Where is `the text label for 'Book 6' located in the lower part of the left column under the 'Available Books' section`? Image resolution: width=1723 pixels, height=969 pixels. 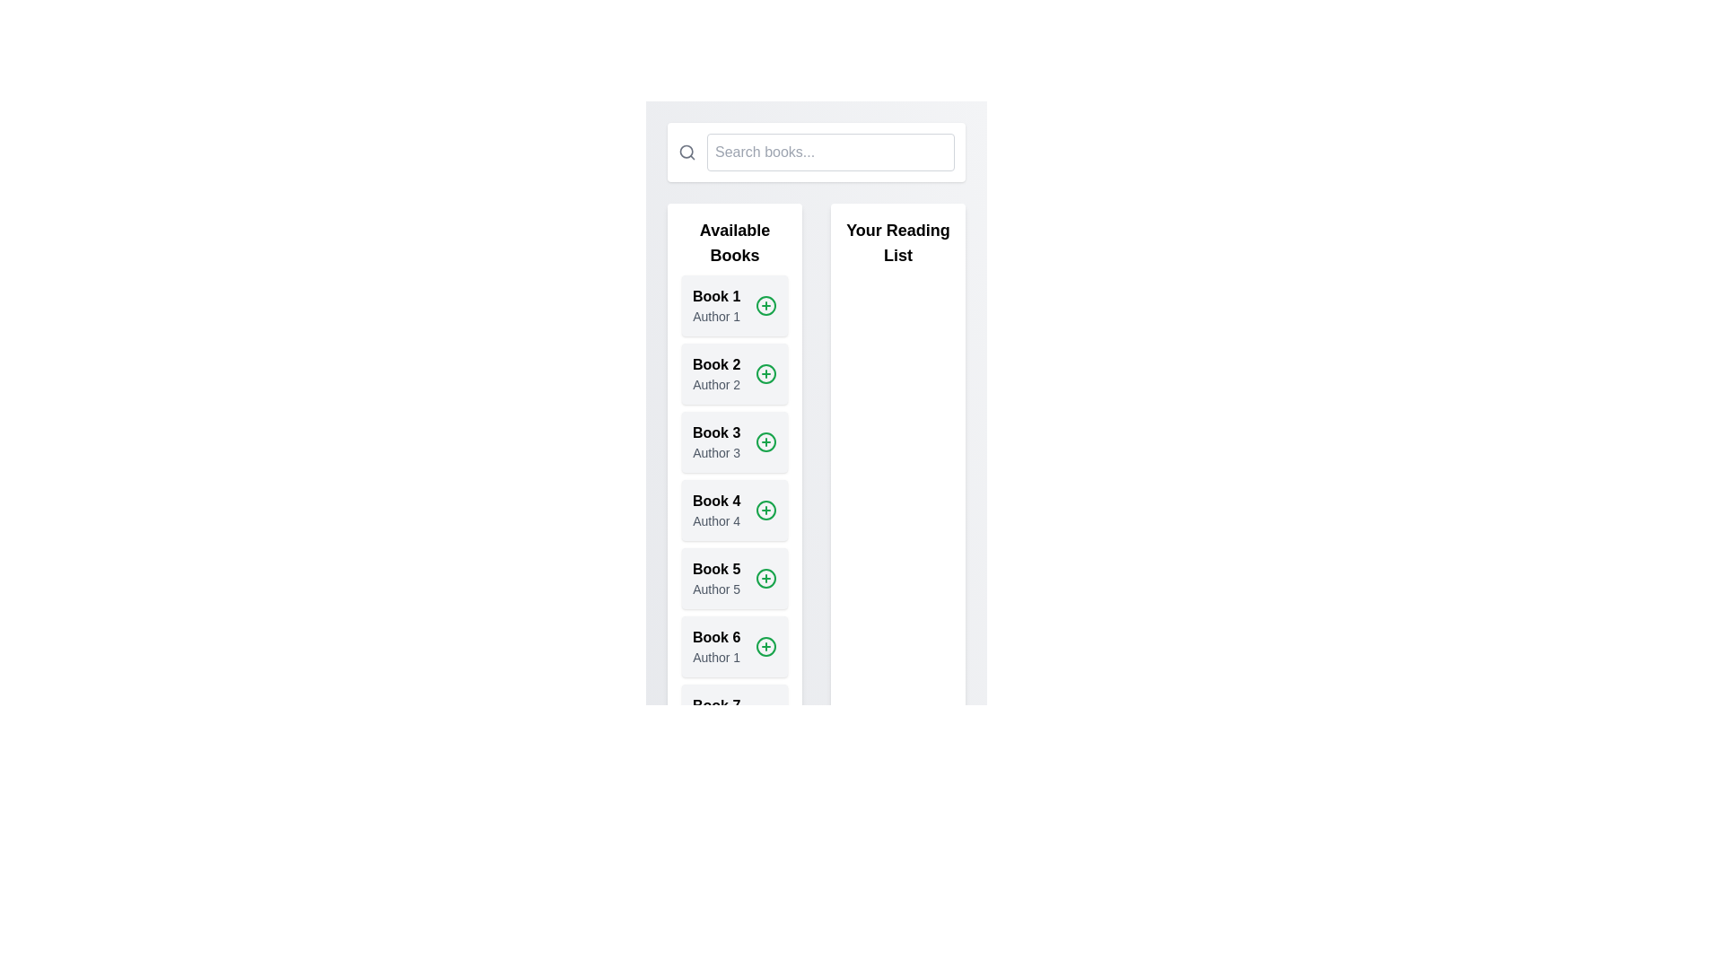 the text label for 'Book 6' located in the lower part of the left column under the 'Available Books' section is located at coordinates (715, 636).